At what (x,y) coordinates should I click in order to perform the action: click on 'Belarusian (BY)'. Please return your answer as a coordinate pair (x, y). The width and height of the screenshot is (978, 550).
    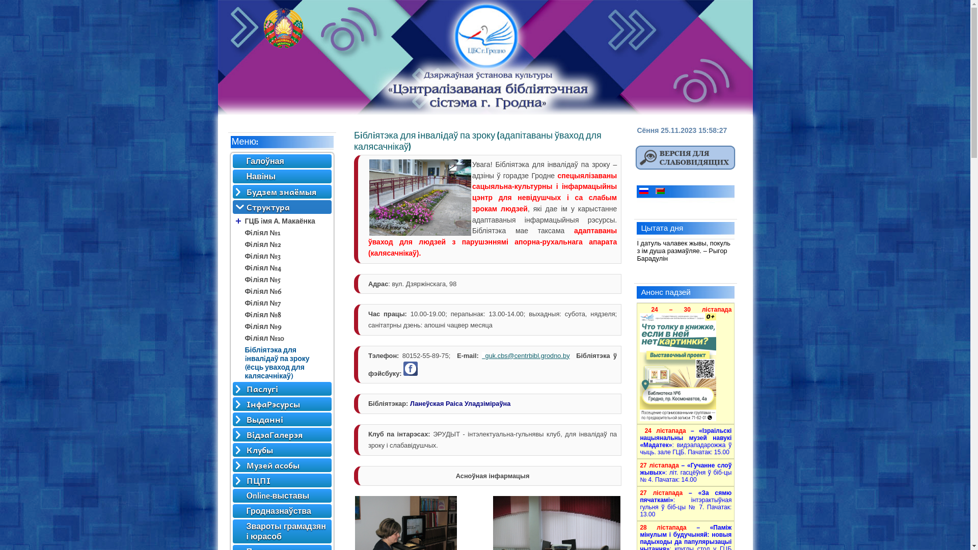
    Looking at the image, I should click on (660, 190).